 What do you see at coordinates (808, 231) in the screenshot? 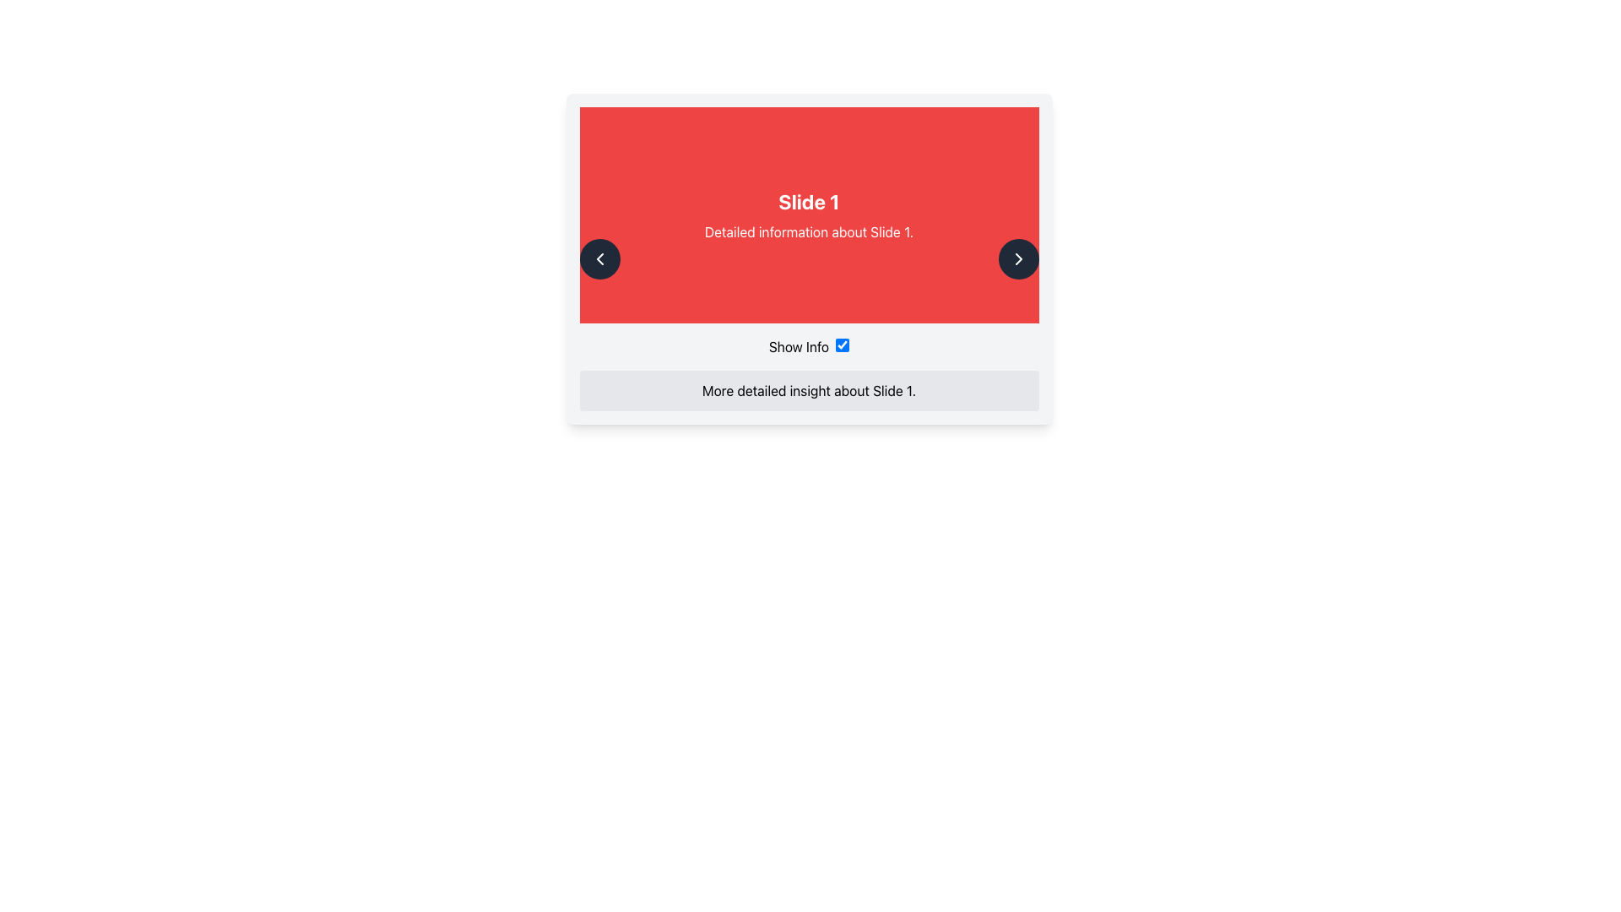
I see `text element that displays 'Detailed information about Slide 1.' which is styled with a red background and located directly below the title 'Slide 1.'` at bounding box center [808, 231].